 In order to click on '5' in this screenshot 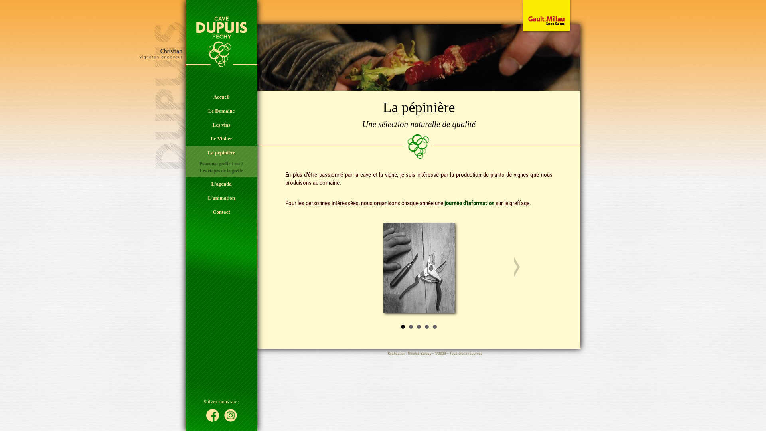, I will do `click(434, 326)`.